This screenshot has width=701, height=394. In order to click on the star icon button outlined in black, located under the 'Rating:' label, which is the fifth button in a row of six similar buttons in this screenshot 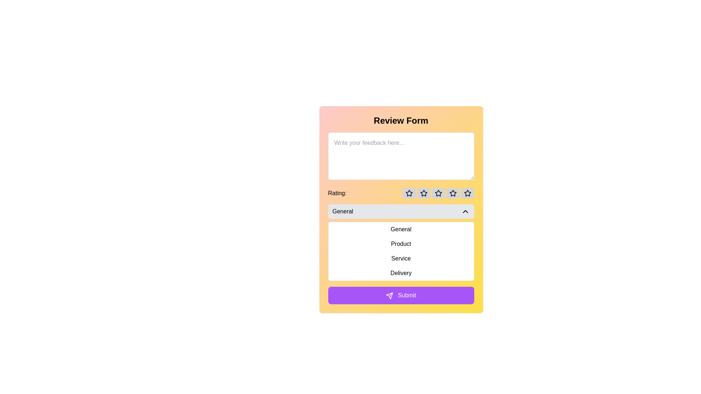, I will do `click(452, 193)`.